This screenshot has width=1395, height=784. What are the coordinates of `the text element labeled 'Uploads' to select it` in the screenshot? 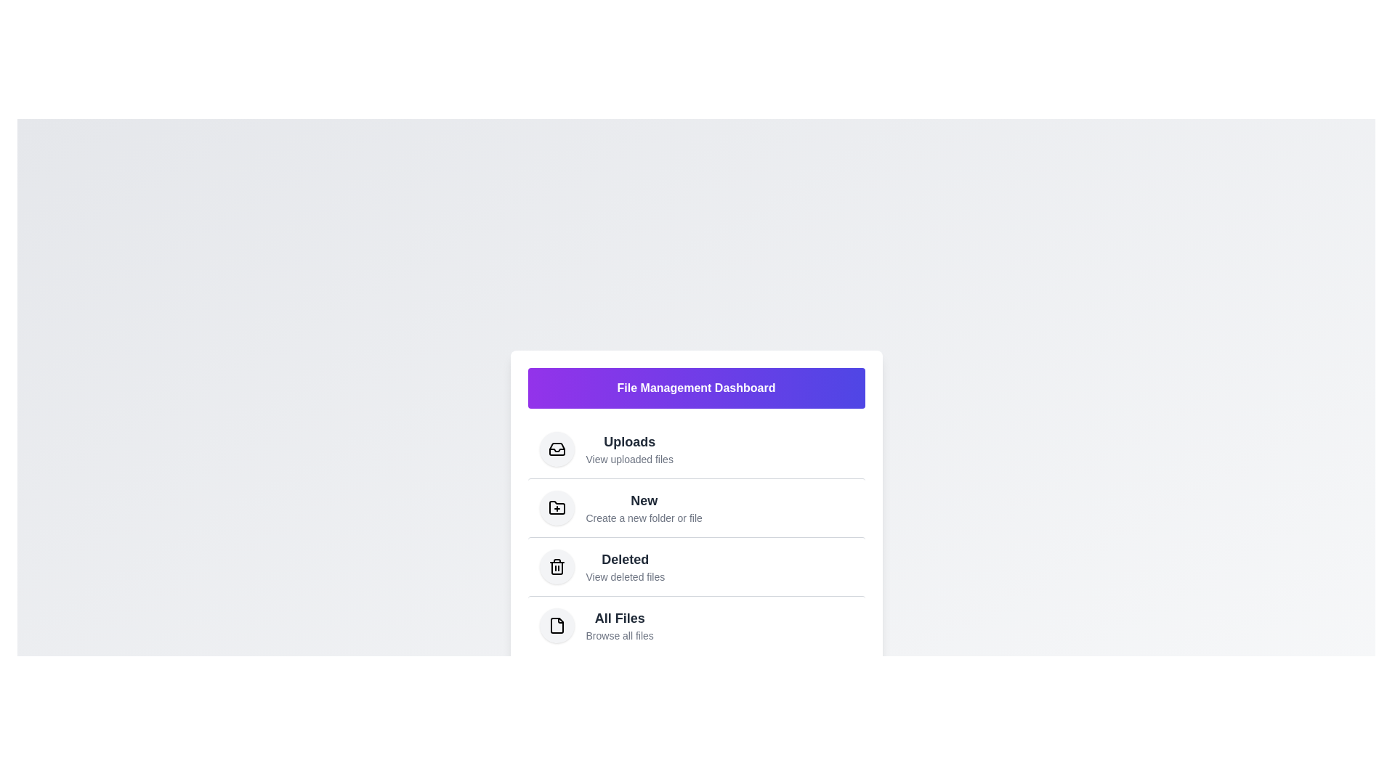 It's located at (629, 441).